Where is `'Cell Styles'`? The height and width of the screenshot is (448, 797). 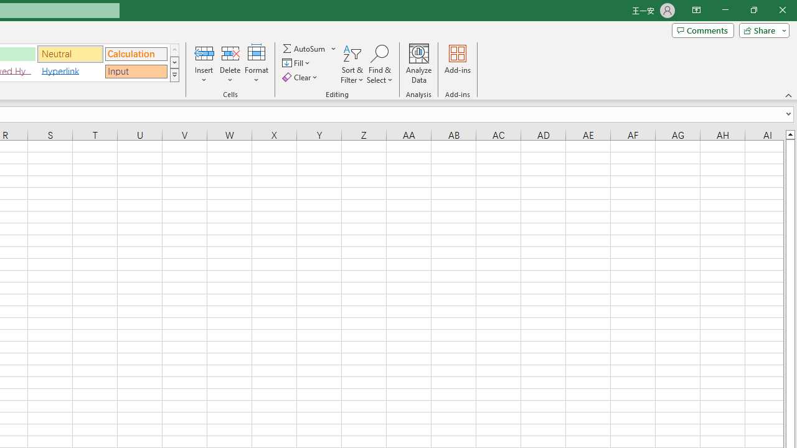
'Cell Styles' is located at coordinates (174, 75).